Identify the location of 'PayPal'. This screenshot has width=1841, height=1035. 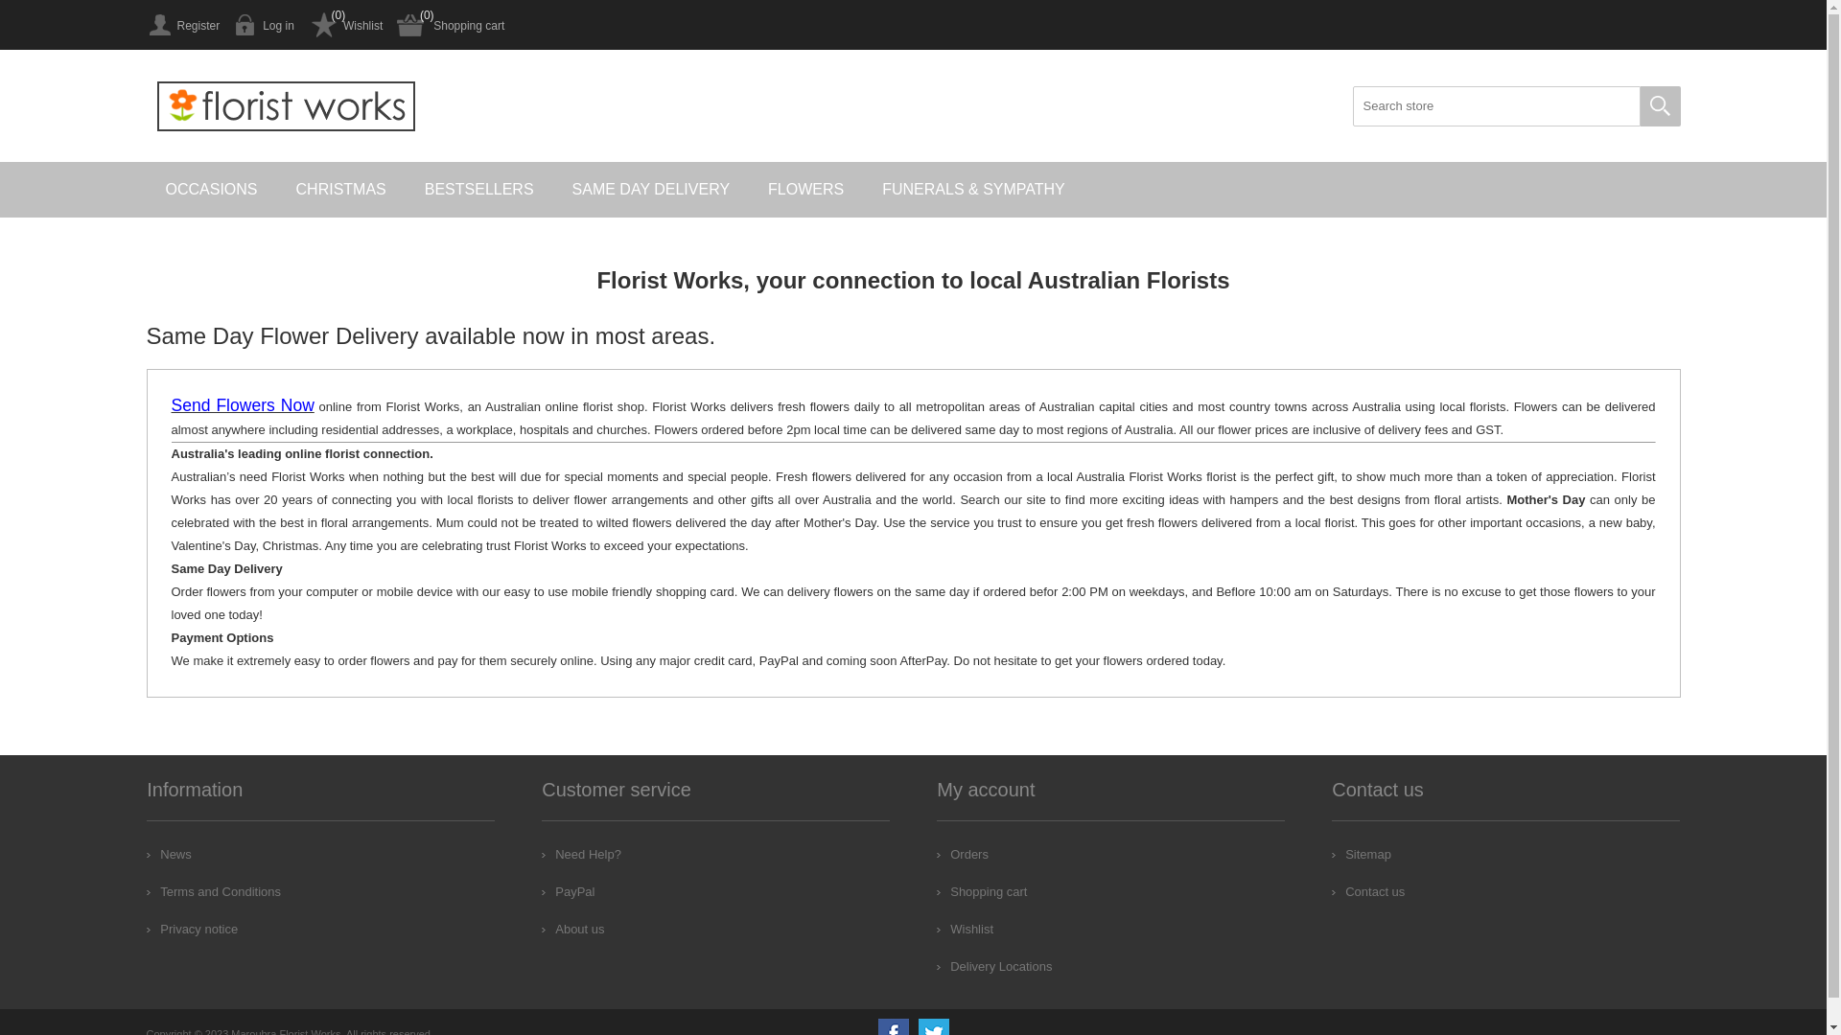
(567, 891).